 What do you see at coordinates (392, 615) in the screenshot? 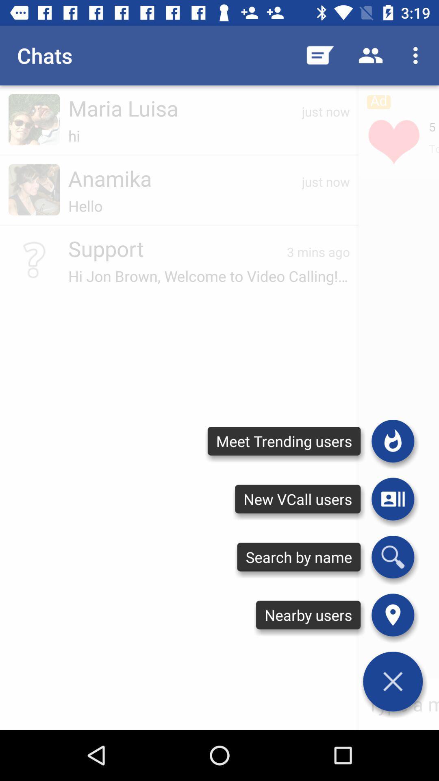
I see `the location icon` at bounding box center [392, 615].